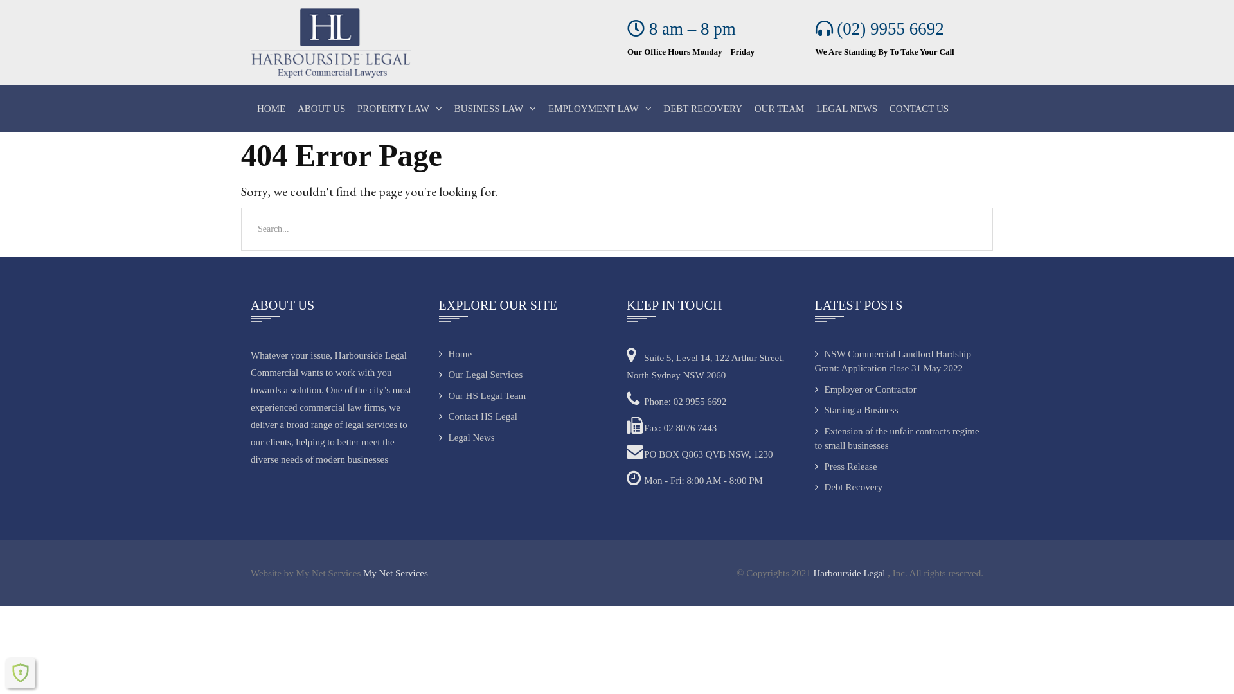 This screenshot has width=1234, height=694. Describe the element at coordinates (702, 108) in the screenshot. I see `'DEBT RECOVERY'` at that location.